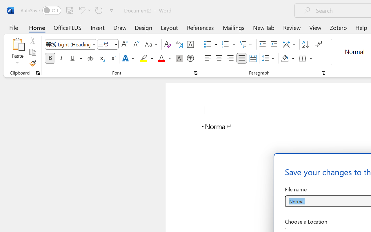 The height and width of the screenshot is (232, 371). What do you see at coordinates (38, 73) in the screenshot?
I see `'Office Clipboard...'` at bounding box center [38, 73].